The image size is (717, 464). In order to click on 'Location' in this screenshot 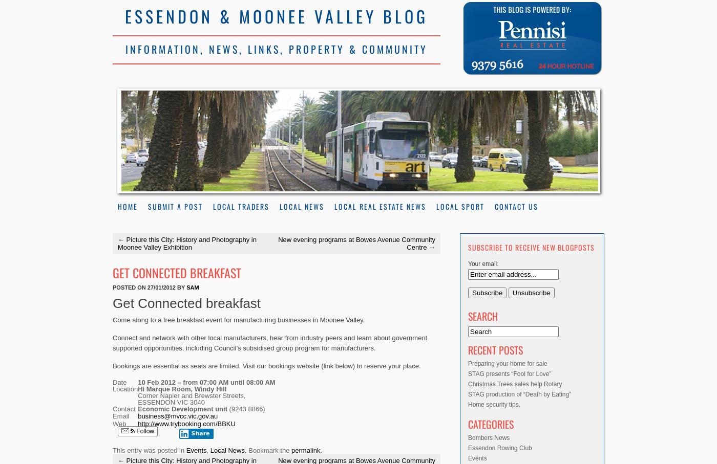, I will do `click(125, 388)`.